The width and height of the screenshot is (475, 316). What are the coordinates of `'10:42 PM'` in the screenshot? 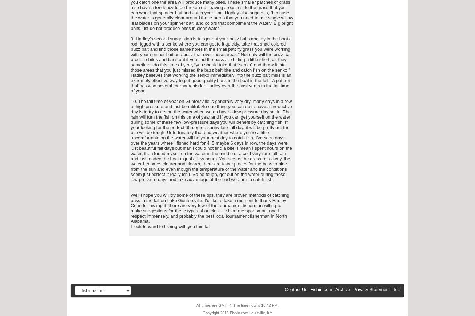 It's located at (269, 305).